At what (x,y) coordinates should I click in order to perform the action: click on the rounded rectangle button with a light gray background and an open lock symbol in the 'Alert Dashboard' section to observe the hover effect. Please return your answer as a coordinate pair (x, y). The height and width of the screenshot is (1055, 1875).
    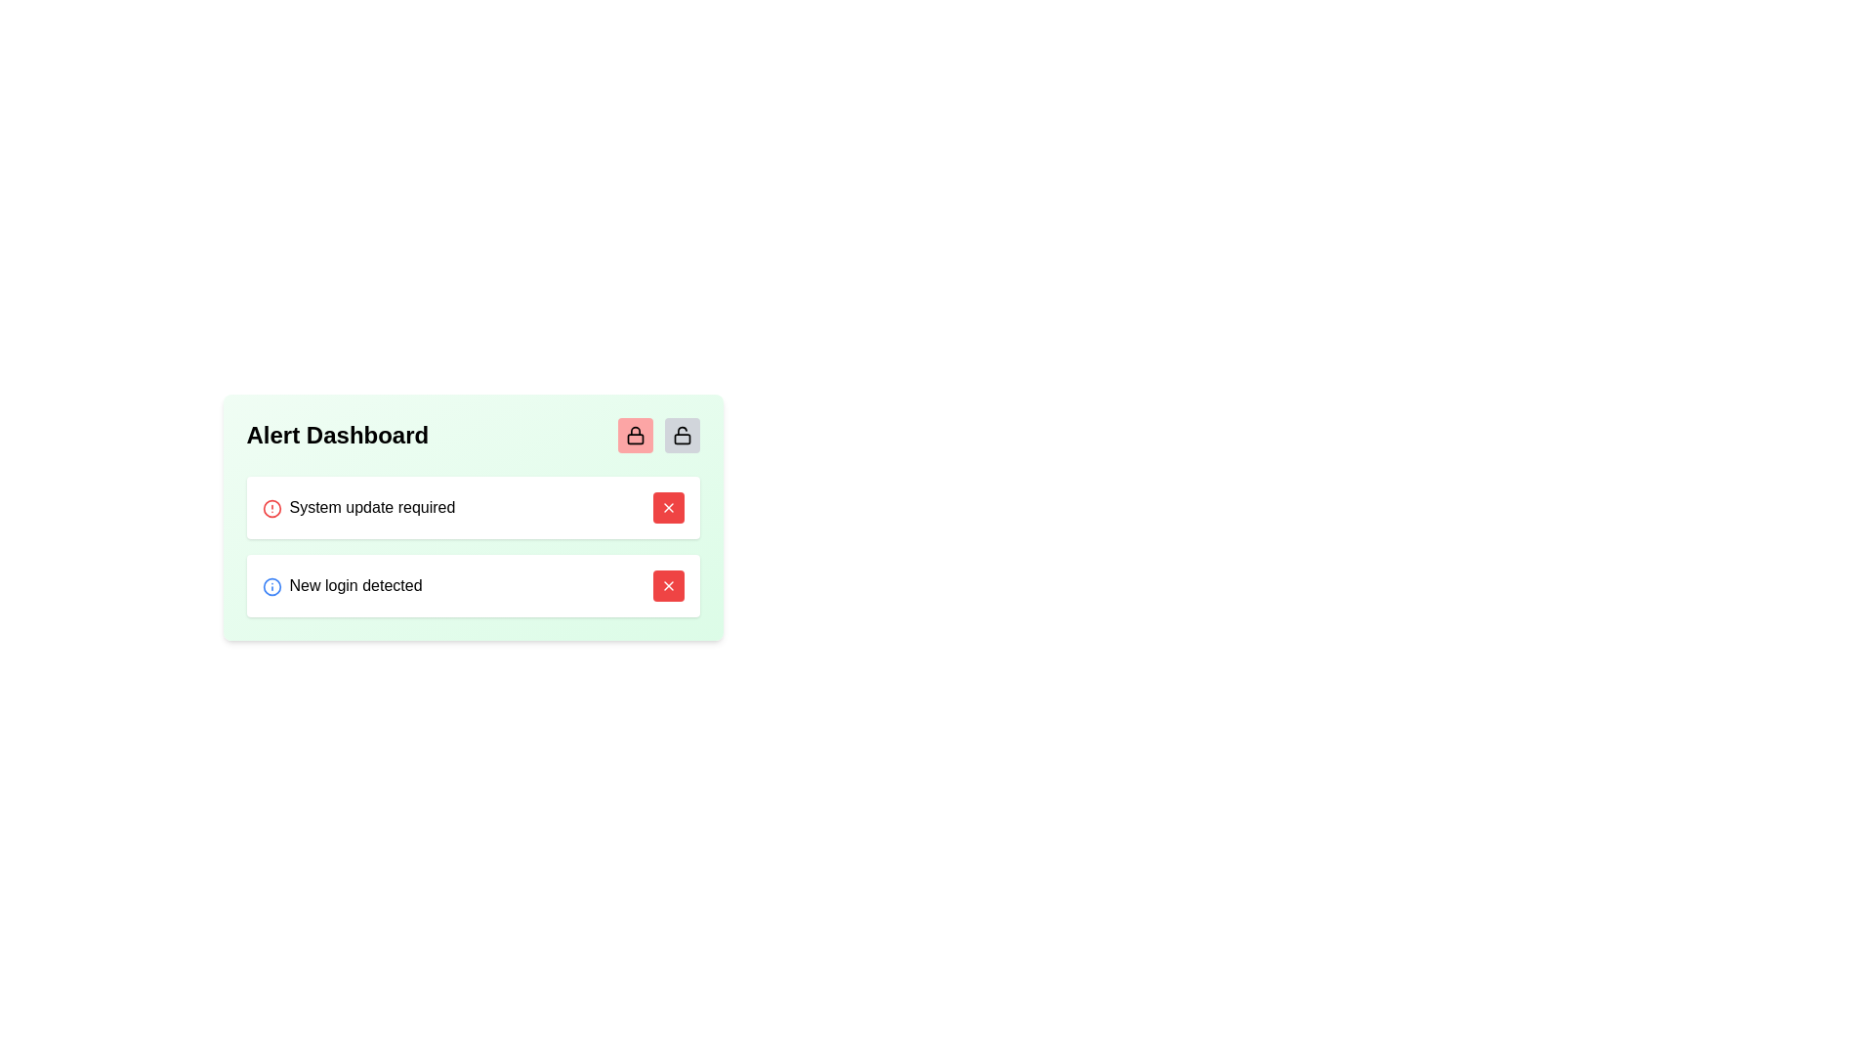
    Looking at the image, I should click on (682, 435).